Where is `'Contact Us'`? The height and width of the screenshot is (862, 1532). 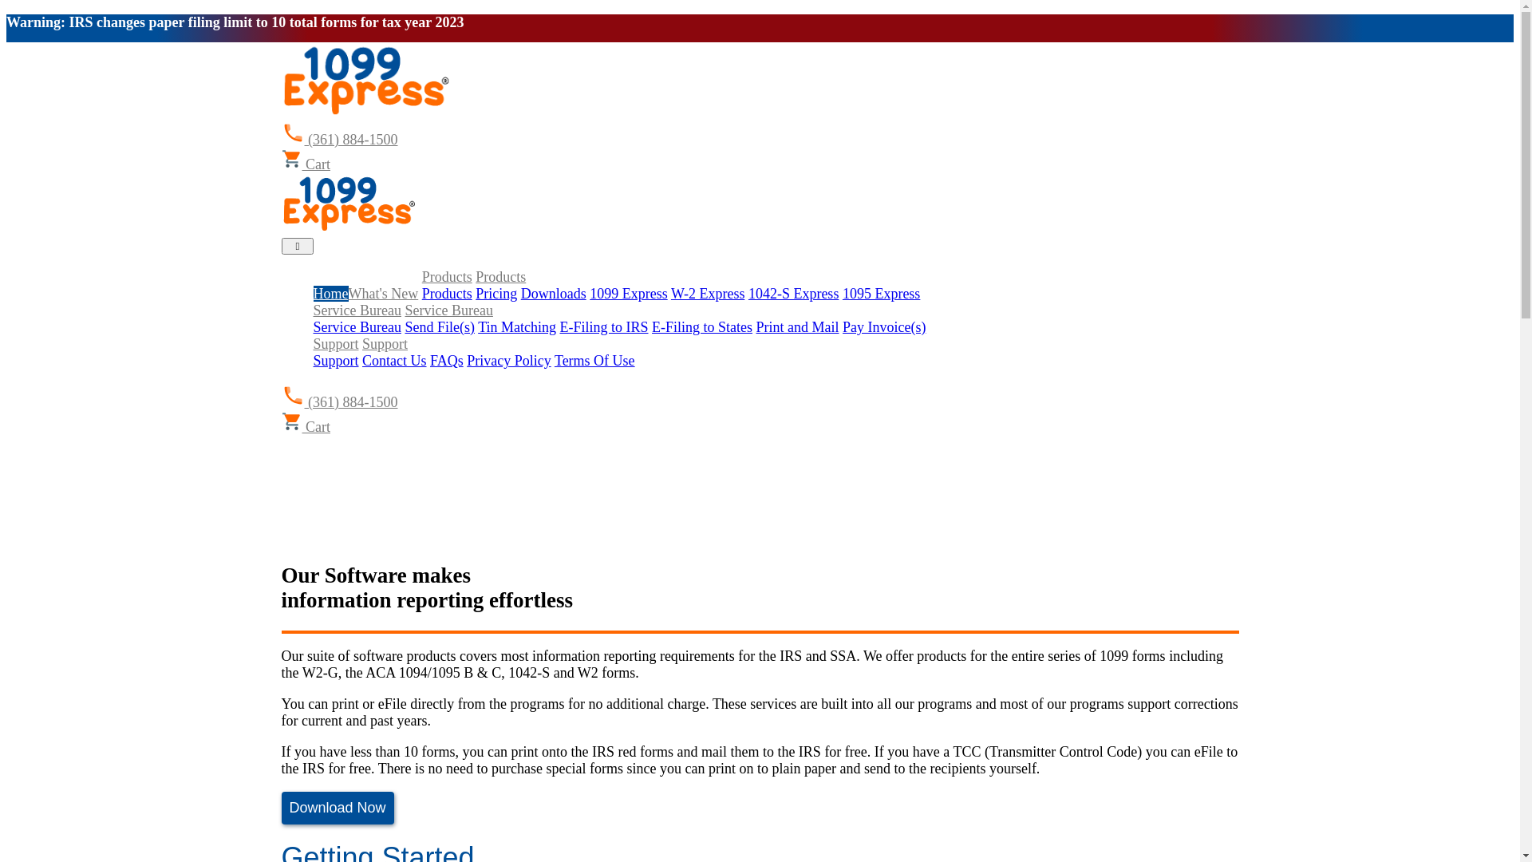
'Contact Us' is located at coordinates (394, 360).